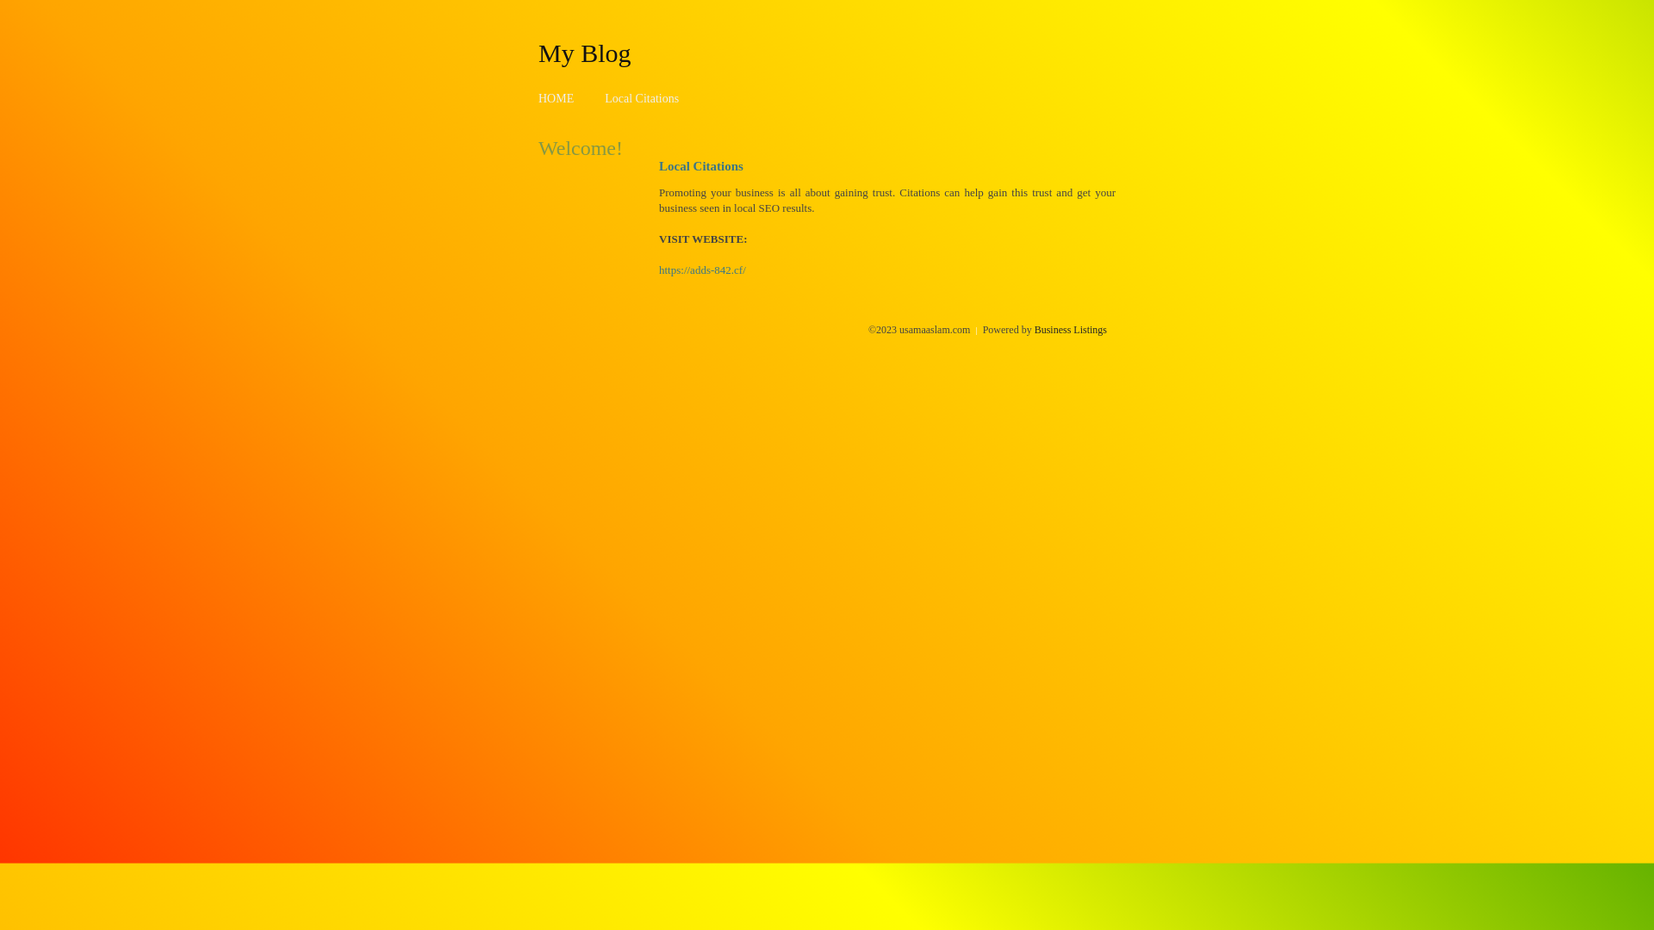 The height and width of the screenshot is (930, 1654). What do you see at coordinates (556, 98) in the screenshot?
I see `'HOME'` at bounding box center [556, 98].